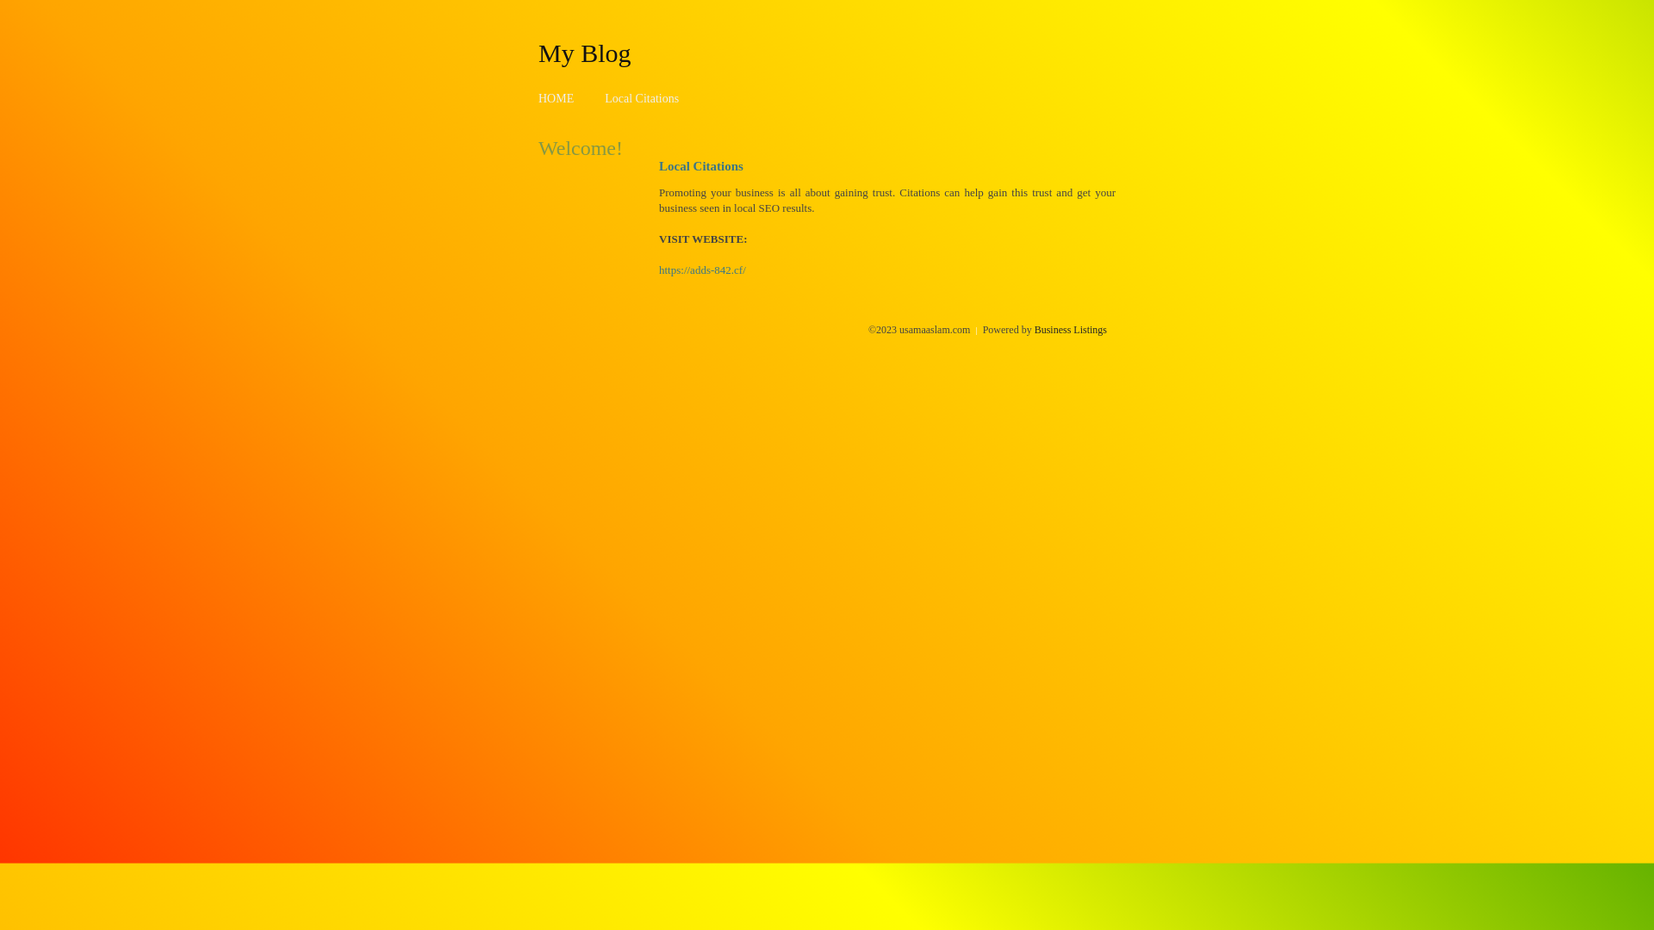 The height and width of the screenshot is (930, 1654). What do you see at coordinates (556, 98) in the screenshot?
I see `'HOME'` at bounding box center [556, 98].